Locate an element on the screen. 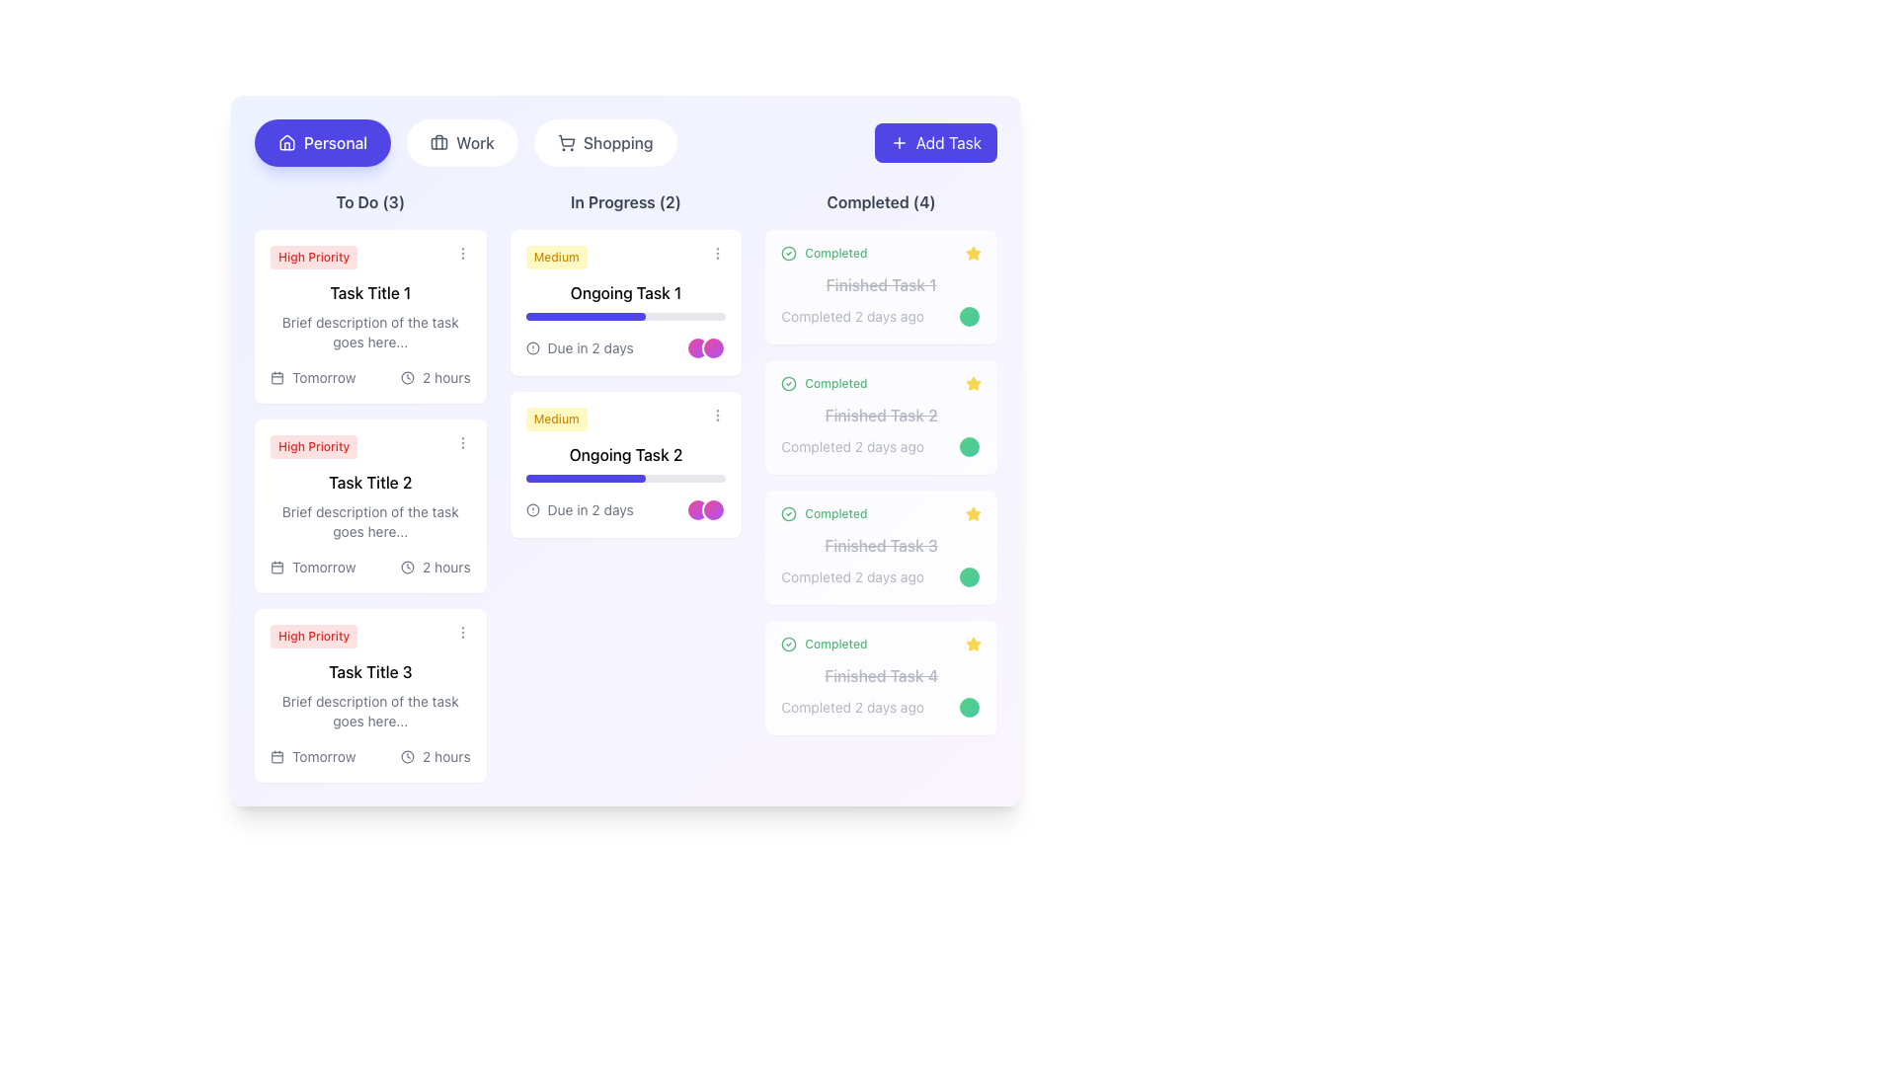  horizontal progress bar located beneath the text 'Ongoing Task 2' in the 'In Progress' column, which is filled with dark blue color and indicates 60% progress is located at coordinates (624, 479).